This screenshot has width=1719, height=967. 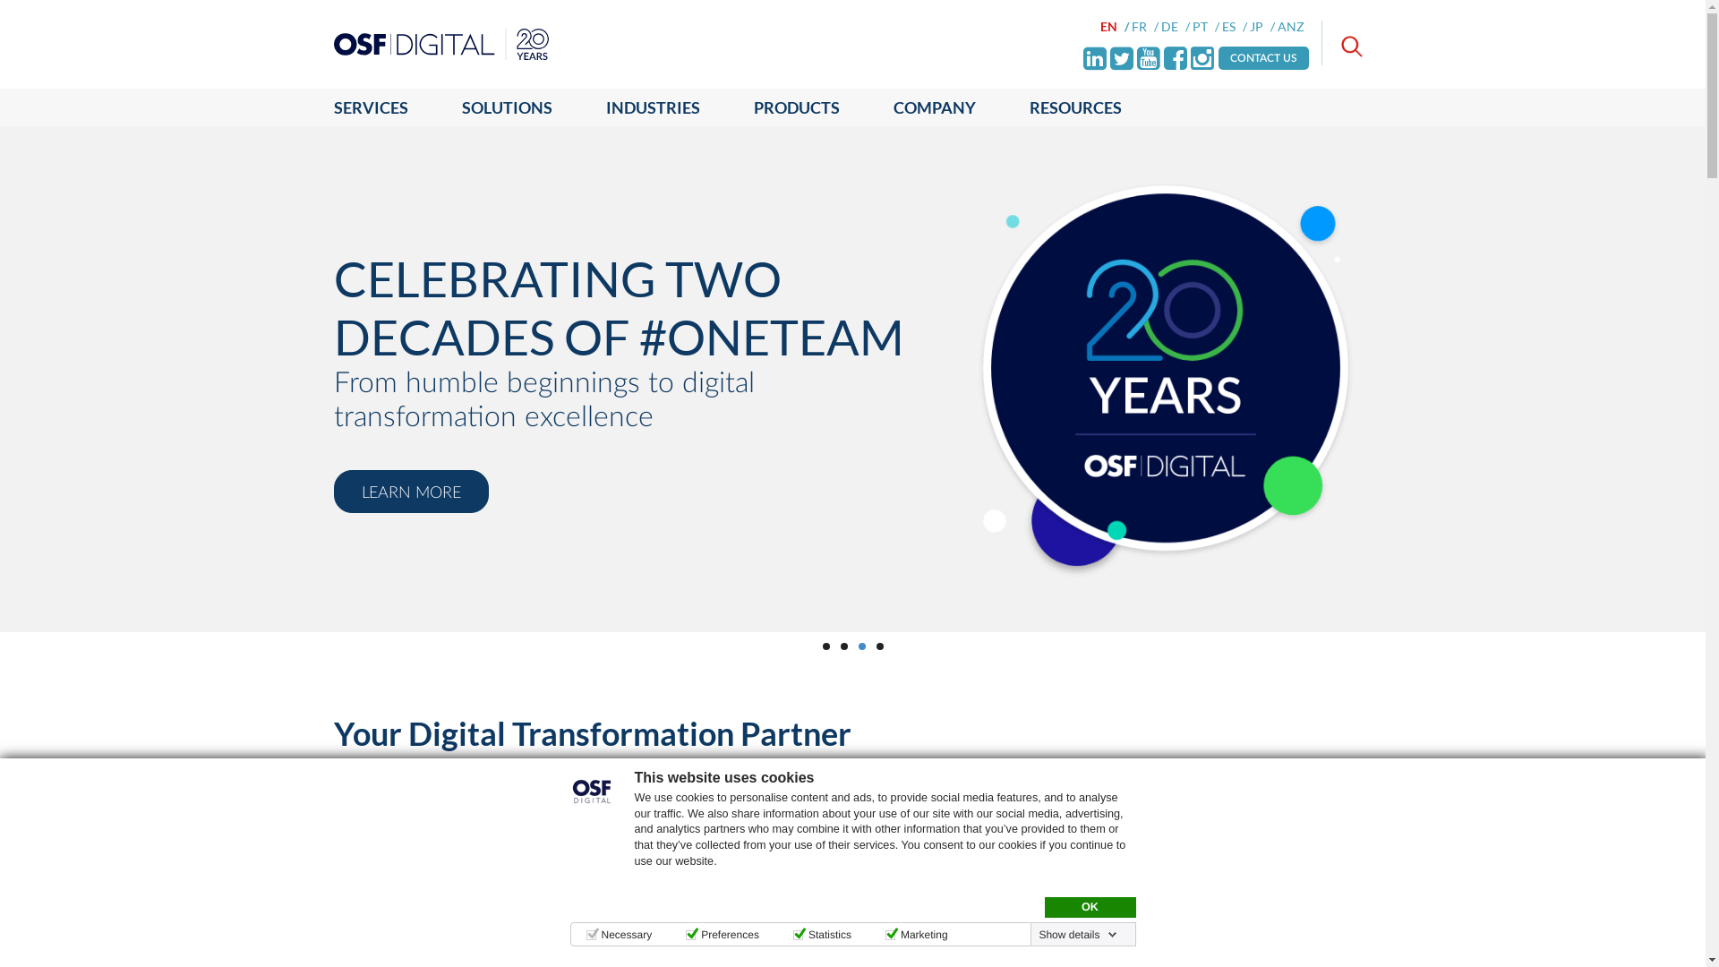 I want to click on 'ES', so click(x=1233, y=26).